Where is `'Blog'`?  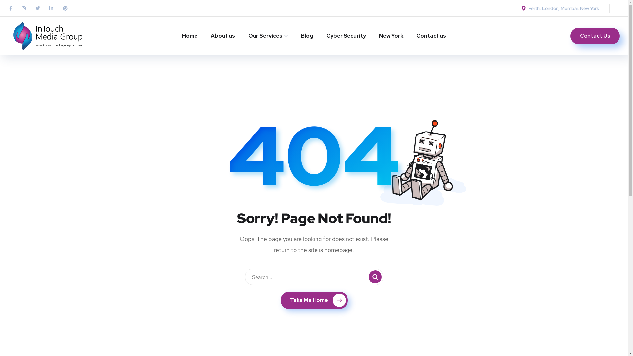
'Blog' is located at coordinates (300, 36).